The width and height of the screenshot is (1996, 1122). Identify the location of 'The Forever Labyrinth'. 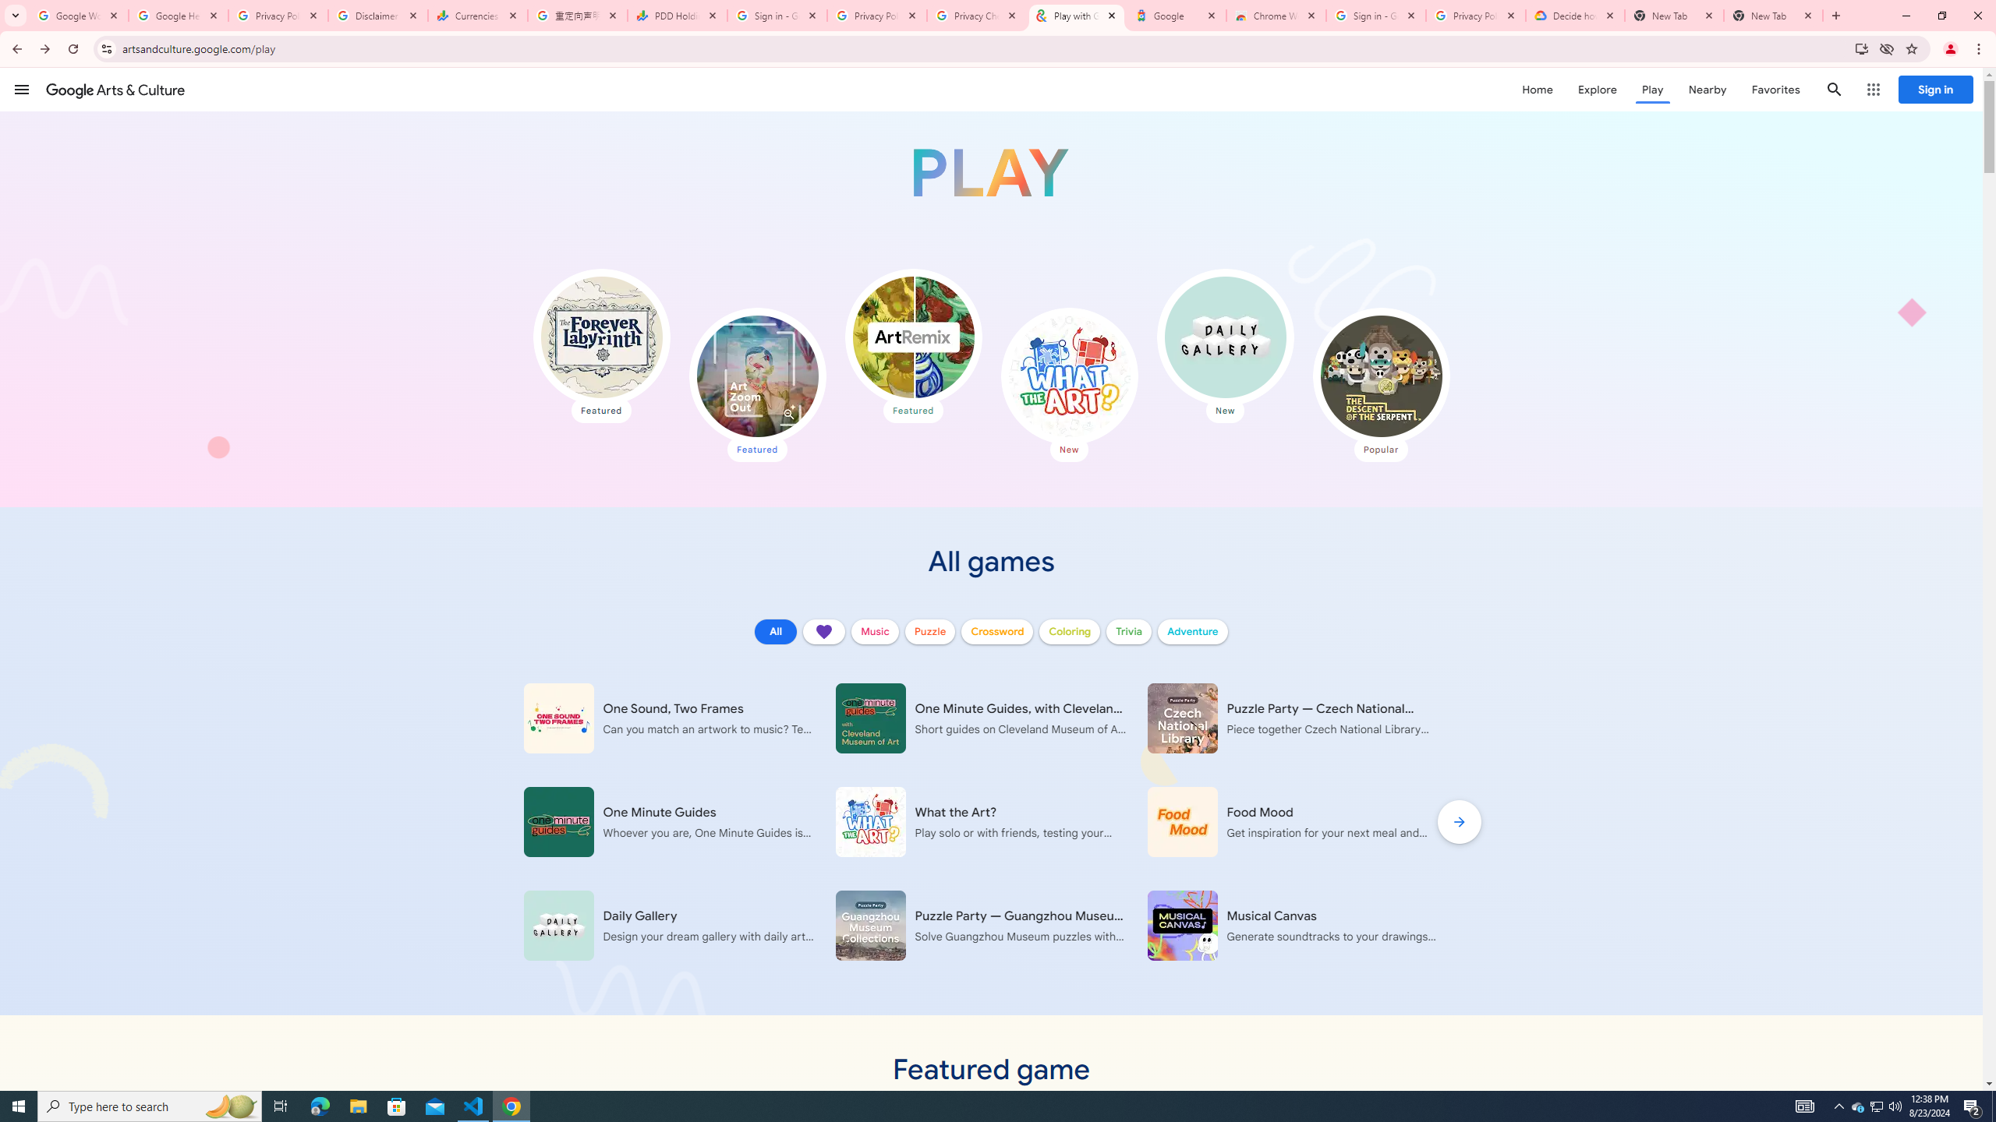
(600, 337).